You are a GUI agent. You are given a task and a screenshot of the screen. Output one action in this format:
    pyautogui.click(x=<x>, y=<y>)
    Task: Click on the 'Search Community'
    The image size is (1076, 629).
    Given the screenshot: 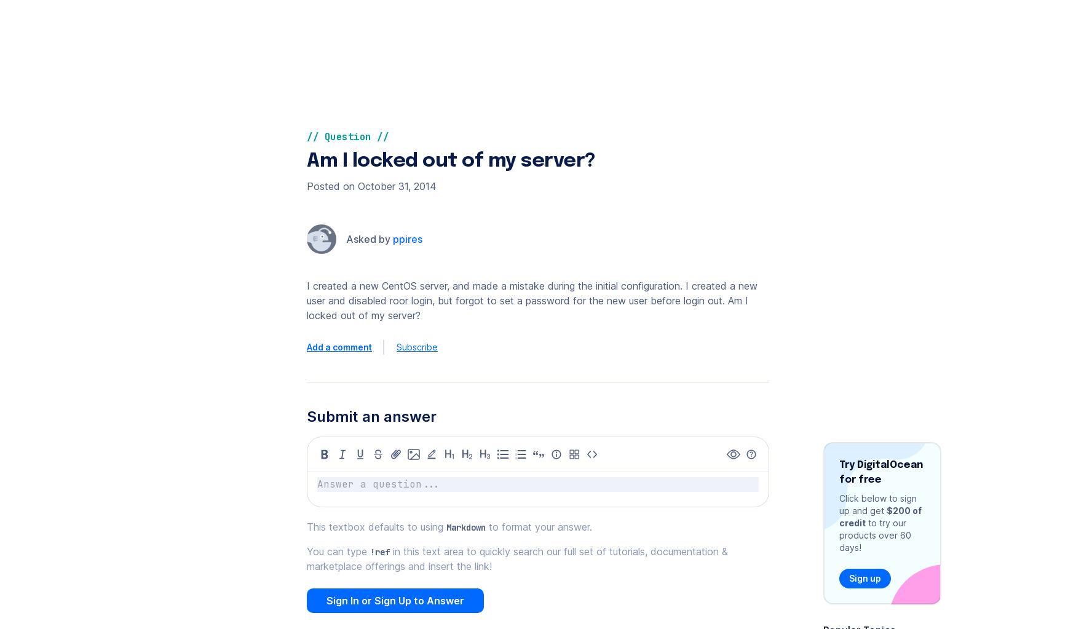 What is the action you would take?
    pyautogui.click(x=866, y=85)
    